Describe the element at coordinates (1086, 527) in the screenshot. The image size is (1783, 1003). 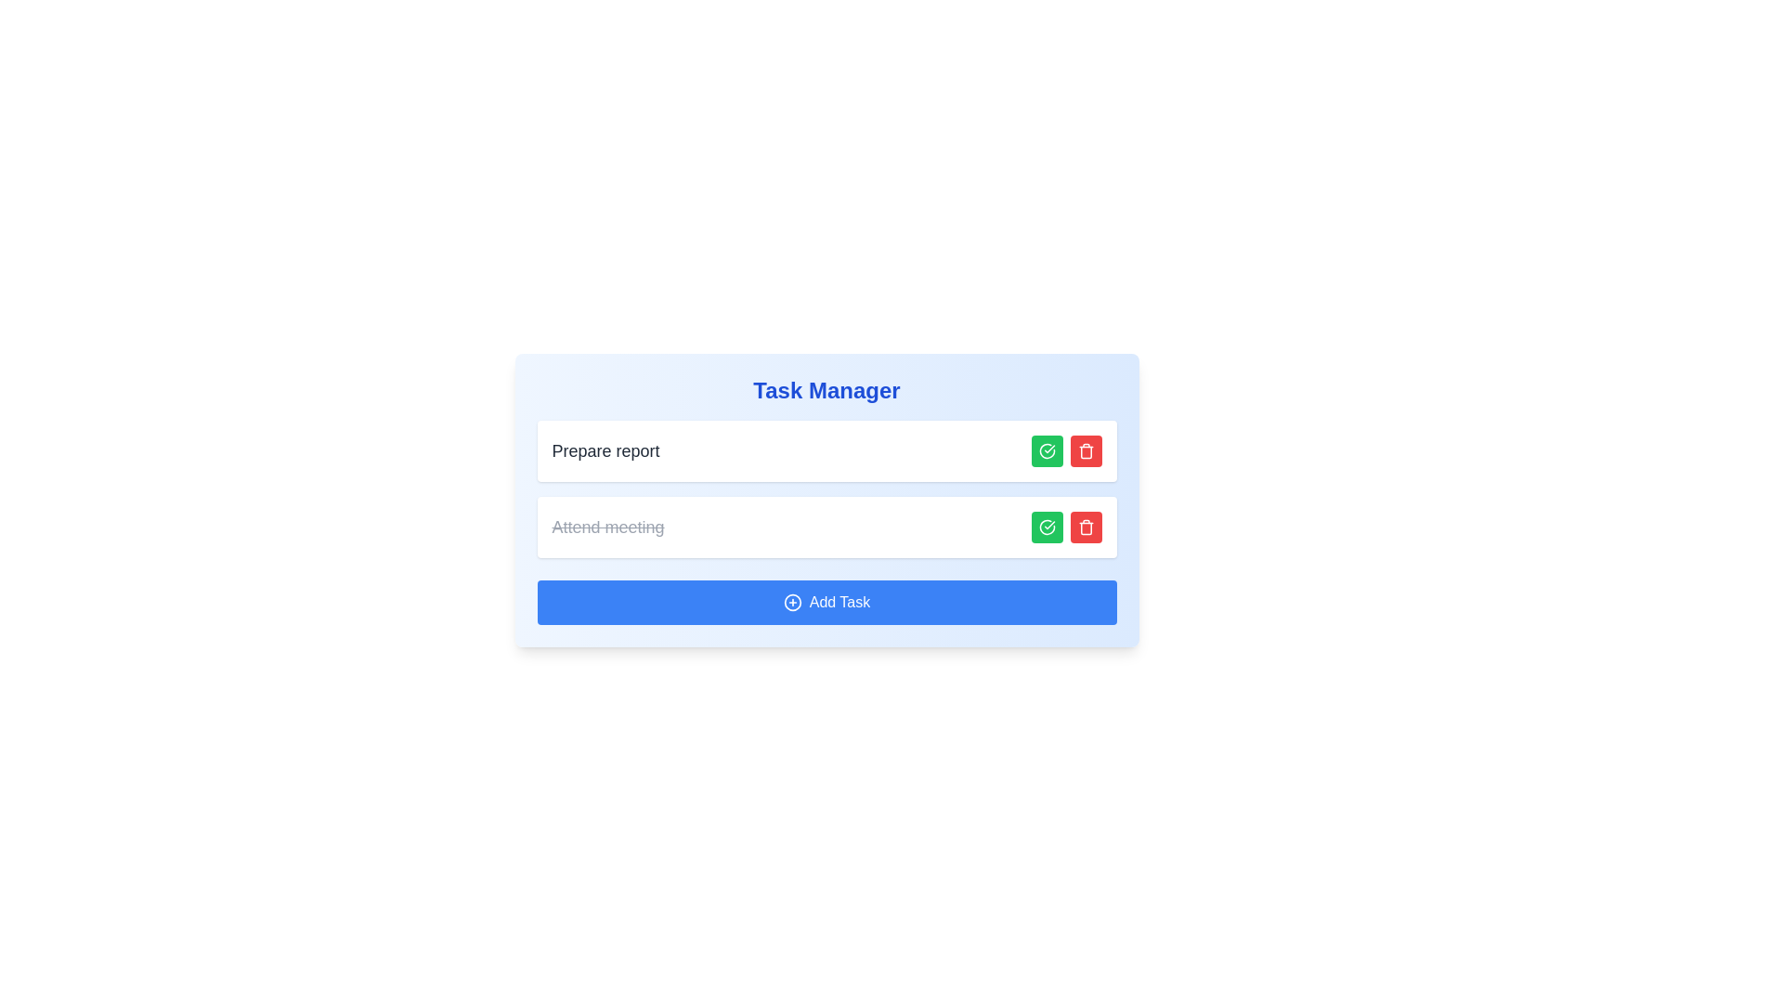
I see `the red button with a trash can icon, which is the second button in the horizontal layout next to the green button, located to the right of the 'Prepare report' task` at that location.